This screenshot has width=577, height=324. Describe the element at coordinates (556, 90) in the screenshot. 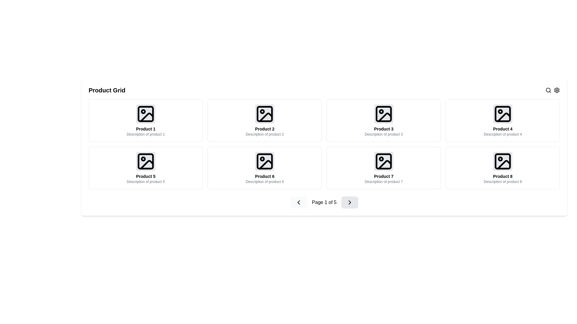

I see `the gear-shaped icon located in the top right corner of the interface` at that location.